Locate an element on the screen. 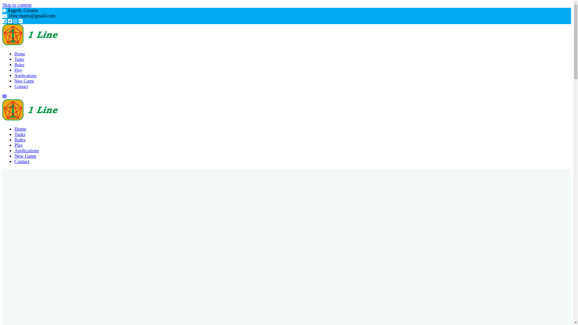 The width and height of the screenshot is (578, 325). 'Skip to content' is located at coordinates (2, 5).